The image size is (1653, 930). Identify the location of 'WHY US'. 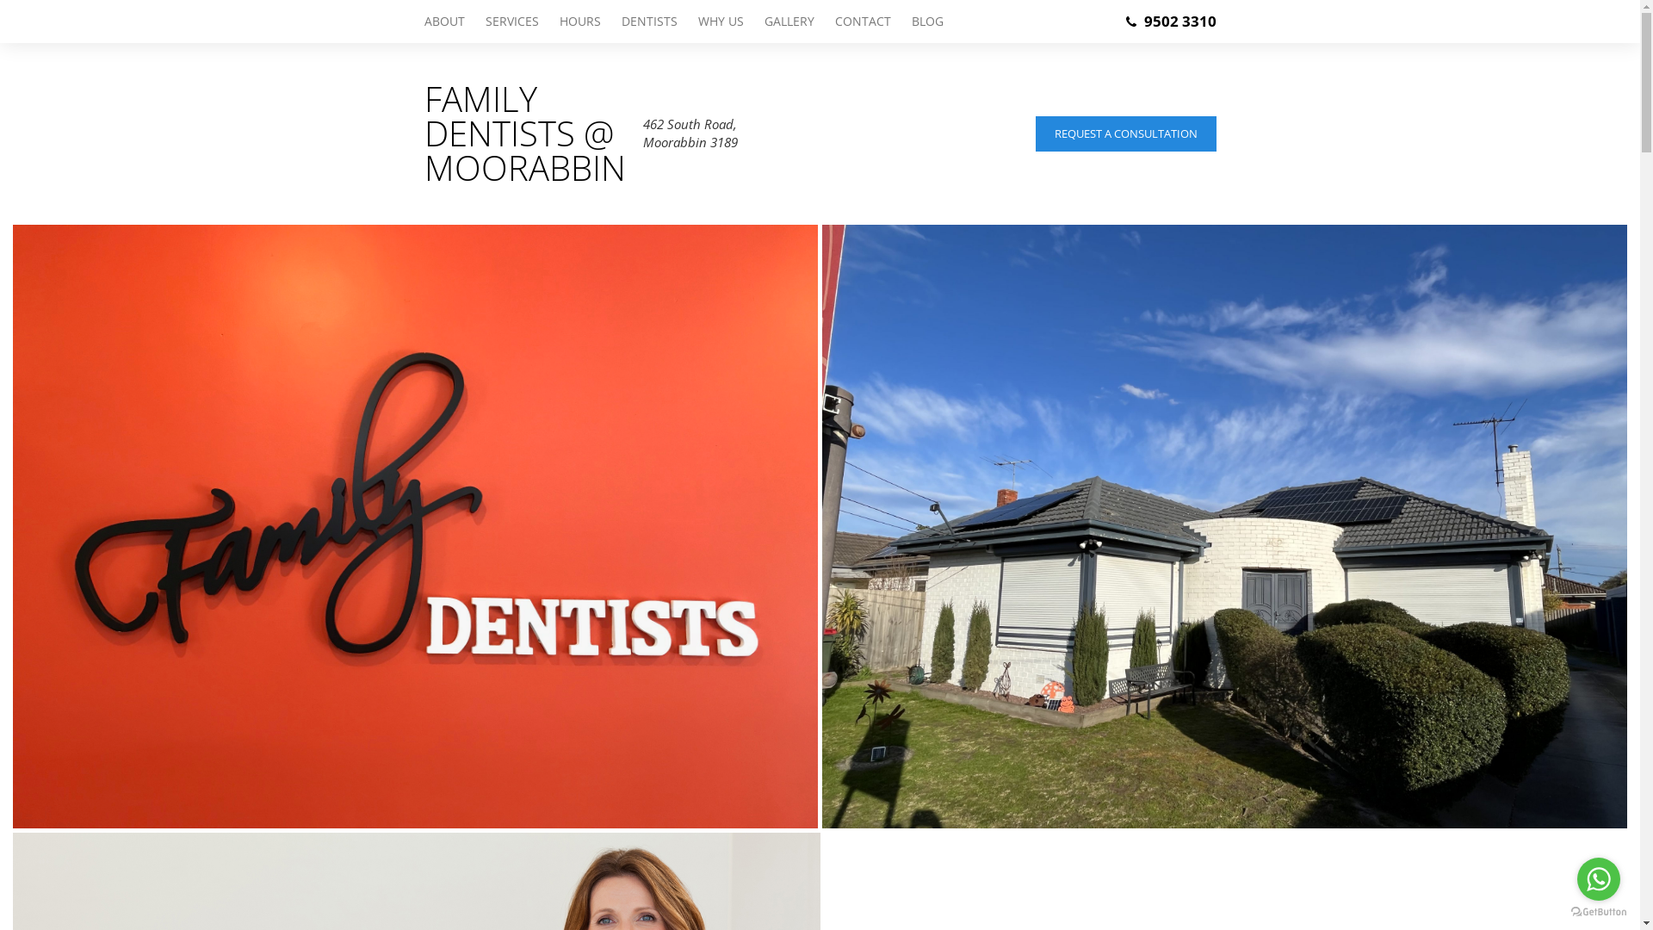
(720, 21).